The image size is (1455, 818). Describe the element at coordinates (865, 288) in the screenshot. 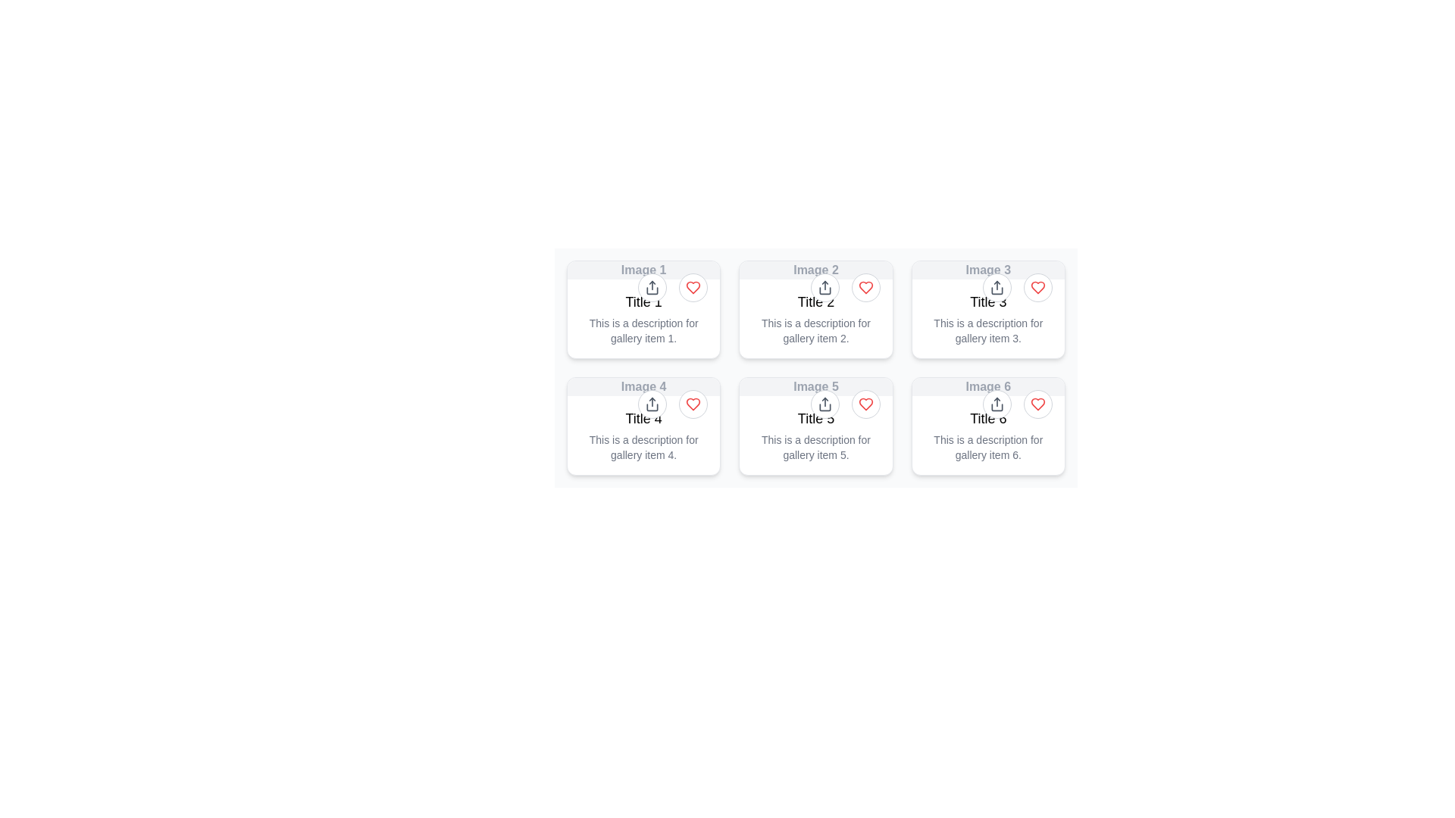

I see `the 'like' or 'favorite' icon located in the middle column of the top row in a 2-row, 3-column grid layout, adjacent to the share icon of the card titled 'Title 2' to favorite the item` at that location.